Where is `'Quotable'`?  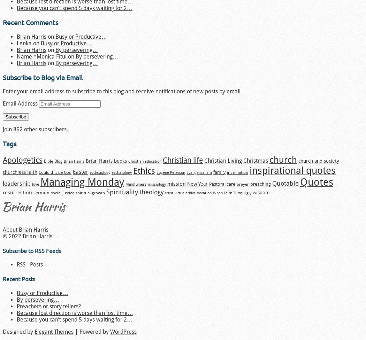 'Quotable' is located at coordinates (272, 183).